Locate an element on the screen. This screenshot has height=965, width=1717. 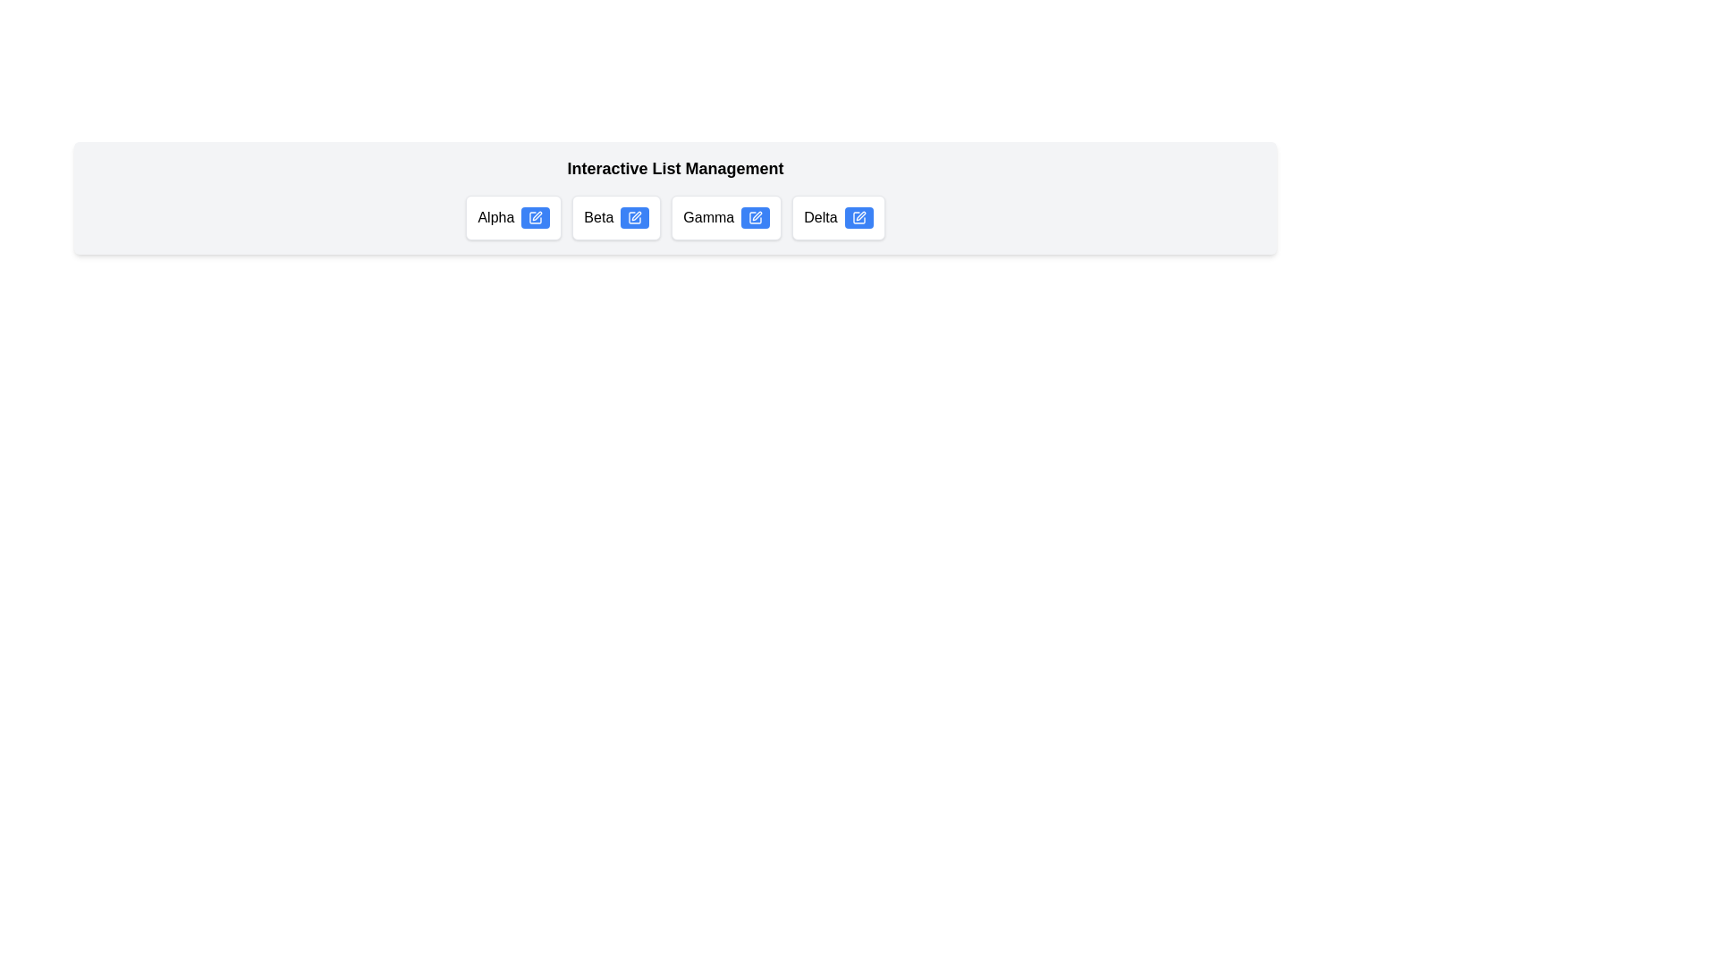
the small pen-like icon located on the right side of the 'Alpha' button to initiate editing of the 'Alpha' entry is located at coordinates (537, 215).